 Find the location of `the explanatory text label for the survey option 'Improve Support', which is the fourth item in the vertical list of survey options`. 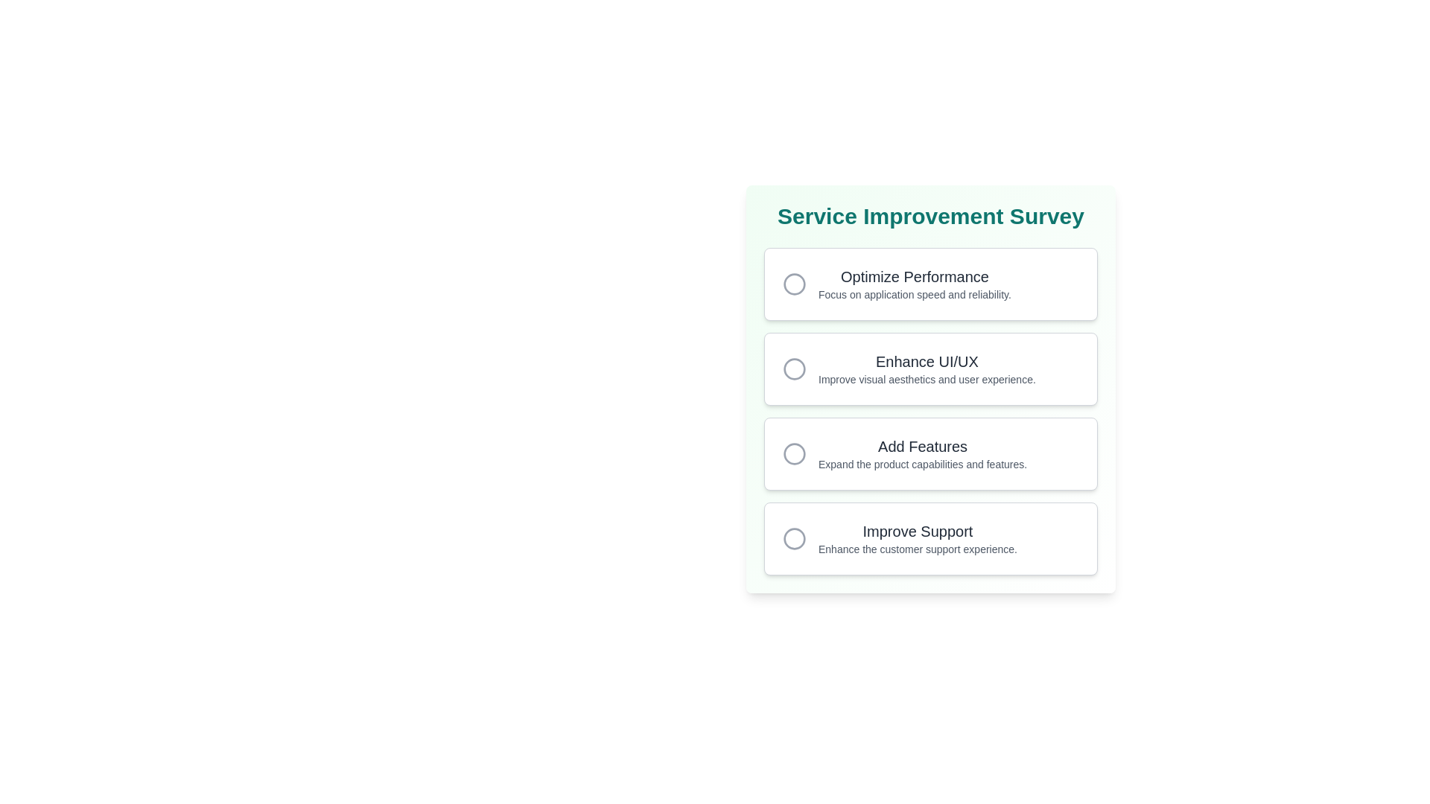

the explanatory text label for the survey option 'Improve Support', which is the fourth item in the vertical list of survey options is located at coordinates (917, 549).